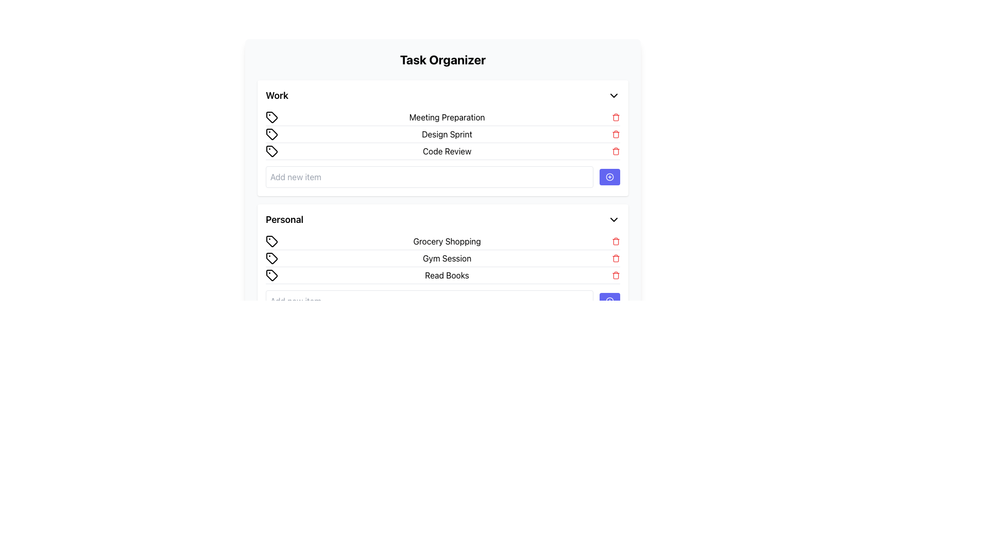  What do you see at coordinates (272, 116) in the screenshot?
I see `the Tag icon in the 'Work' section of the 'Task Organizer' application, which is the leftmost element in the first row, next to 'Meeting Preparation'` at bounding box center [272, 116].